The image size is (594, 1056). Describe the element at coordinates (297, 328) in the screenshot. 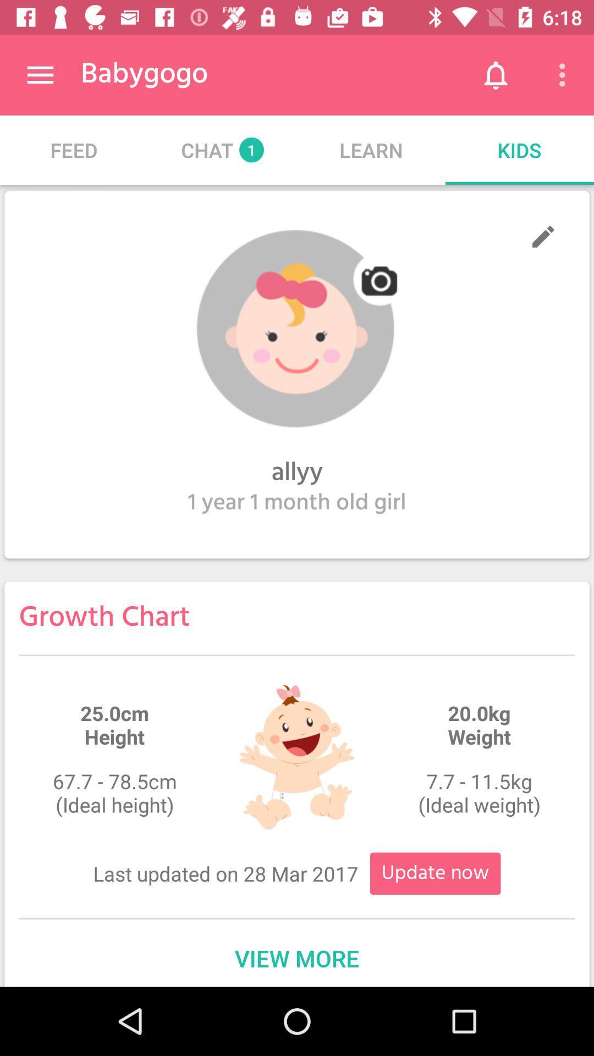

I see `camera image` at that location.